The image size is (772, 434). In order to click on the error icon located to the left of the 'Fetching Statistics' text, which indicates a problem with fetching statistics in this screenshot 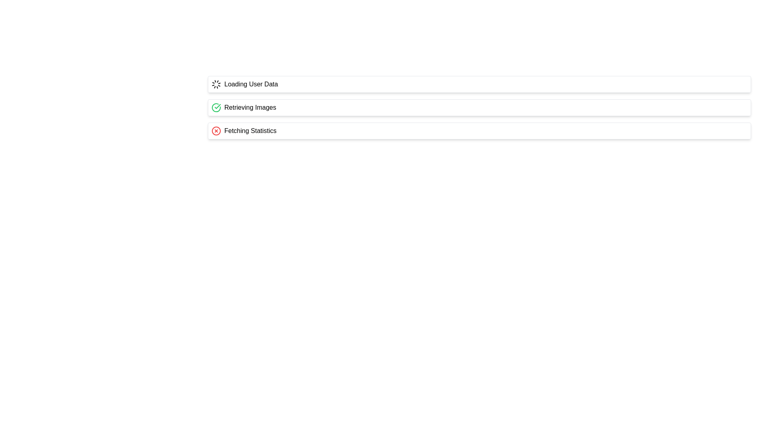, I will do `click(216, 131)`.